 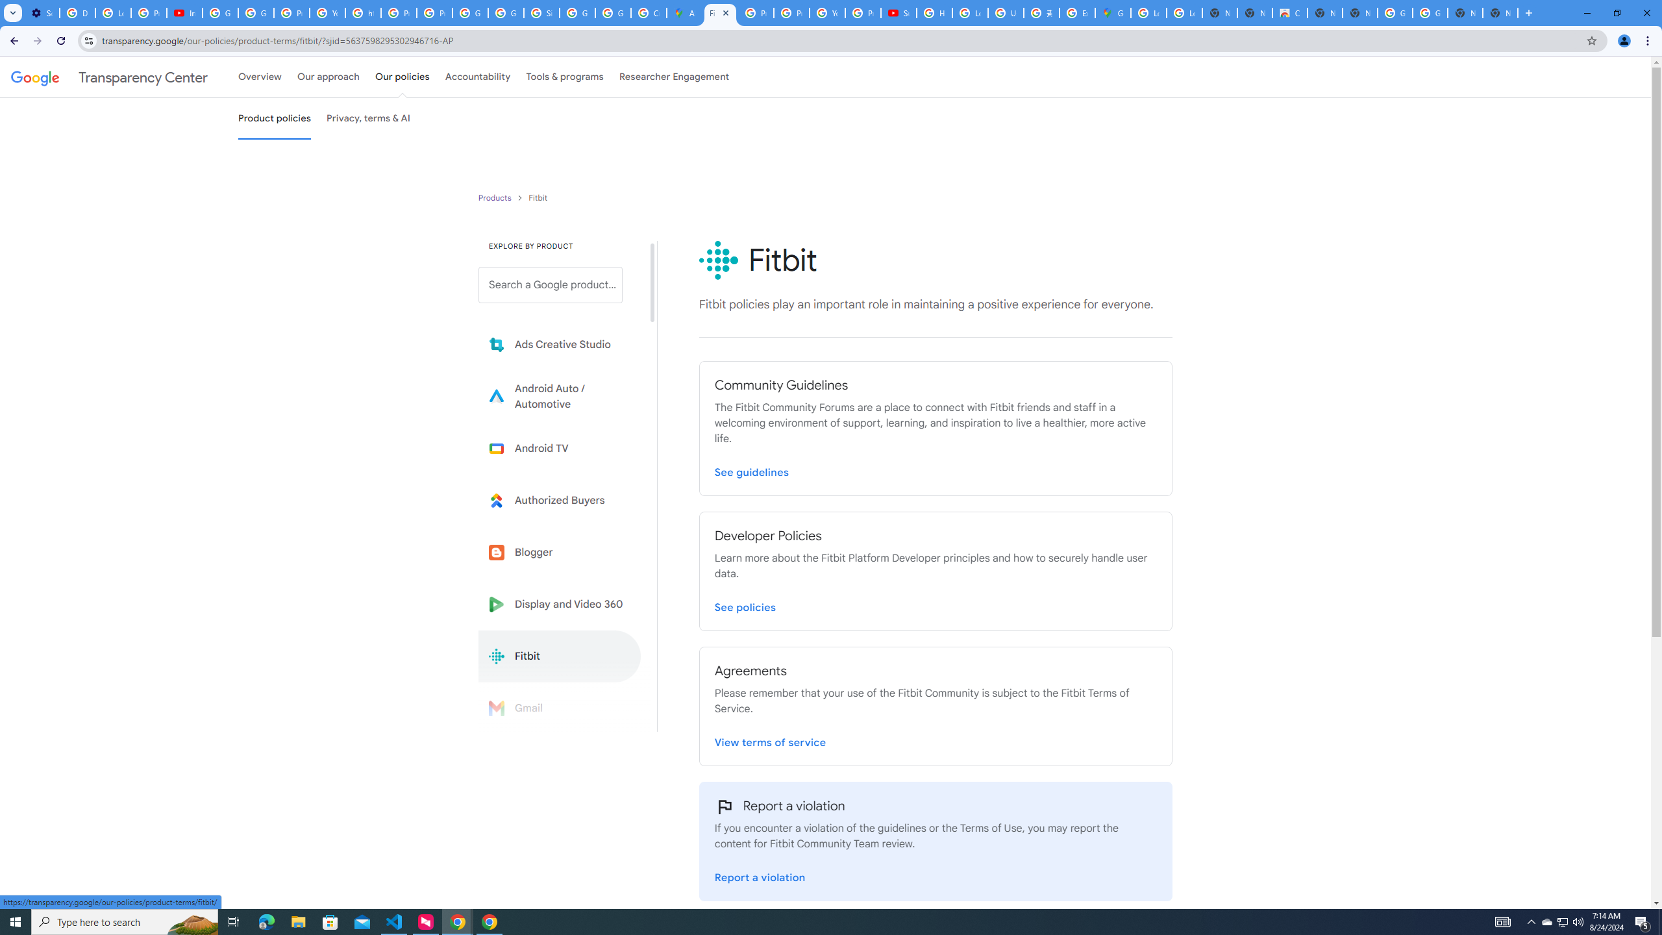 What do you see at coordinates (108, 77) in the screenshot?
I see `'Transparency Center'` at bounding box center [108, 77].